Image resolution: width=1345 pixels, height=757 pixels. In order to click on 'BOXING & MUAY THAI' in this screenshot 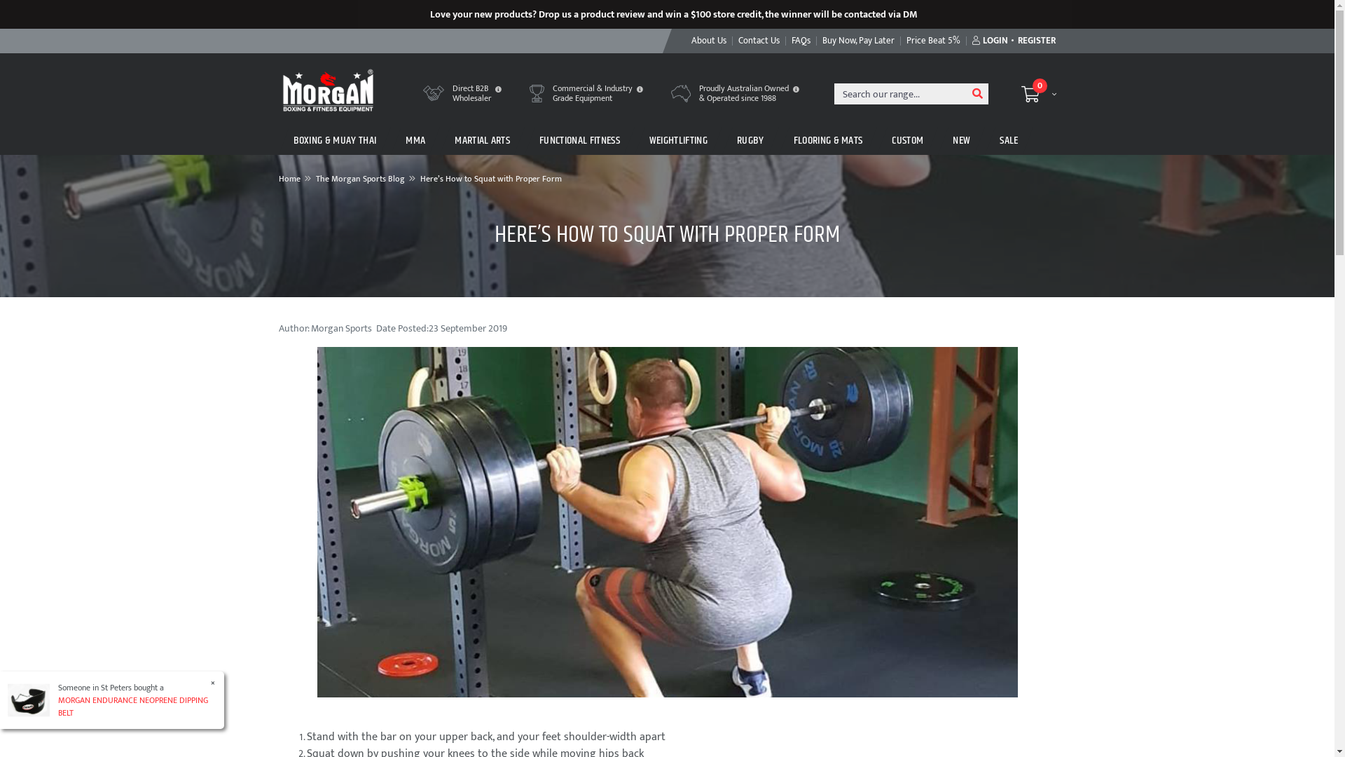, I will do `click(334, 140)`.